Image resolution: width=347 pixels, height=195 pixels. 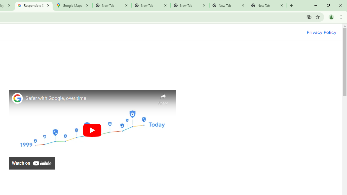 What do you see at coordinates (316, 5) in the screenshot?
I see `'Minimize'` at bounding box center [316, 5].